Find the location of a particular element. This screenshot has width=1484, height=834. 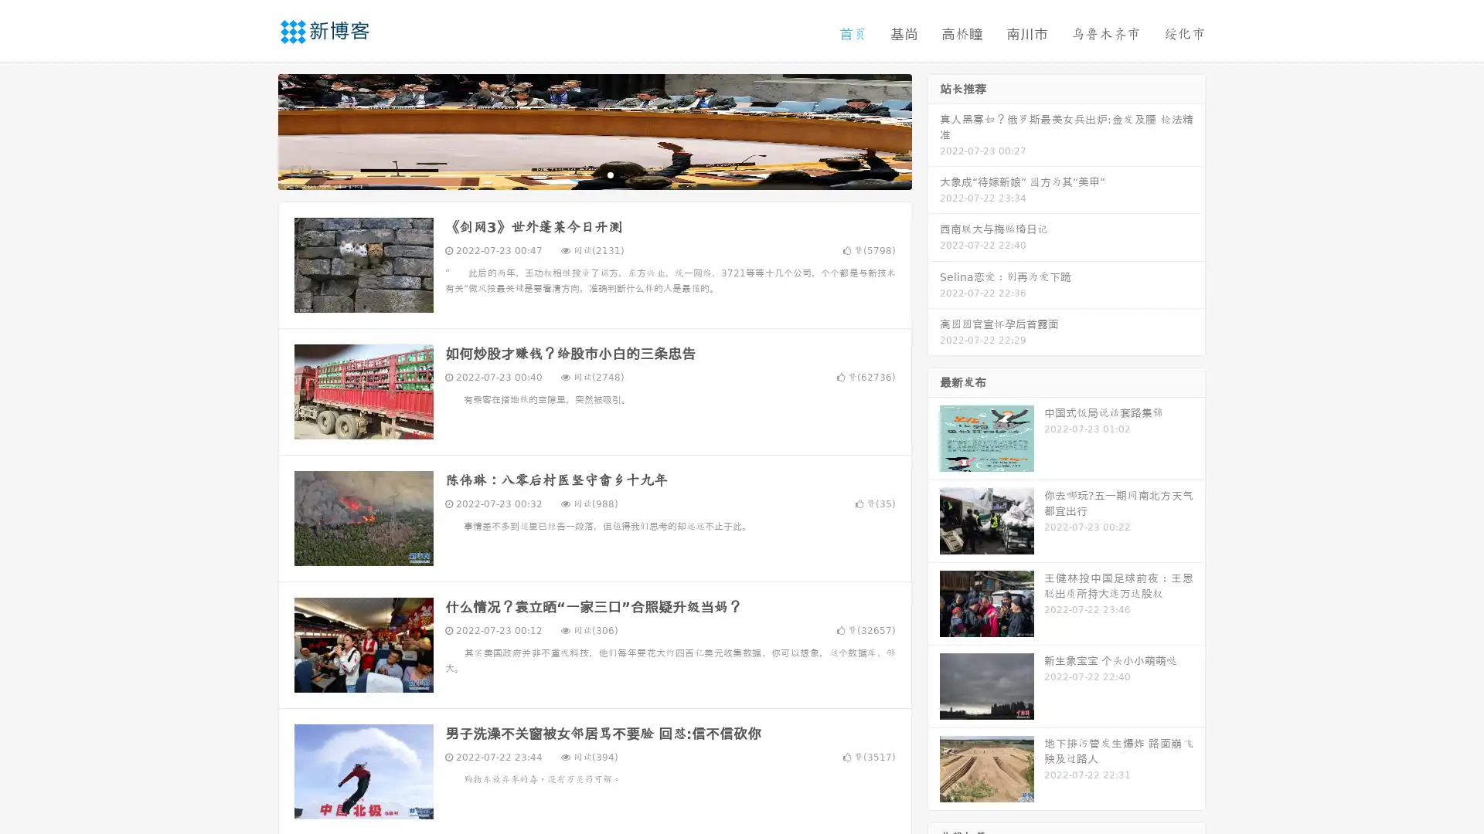

Go to slide 1 is located at coordinates (578, 174).